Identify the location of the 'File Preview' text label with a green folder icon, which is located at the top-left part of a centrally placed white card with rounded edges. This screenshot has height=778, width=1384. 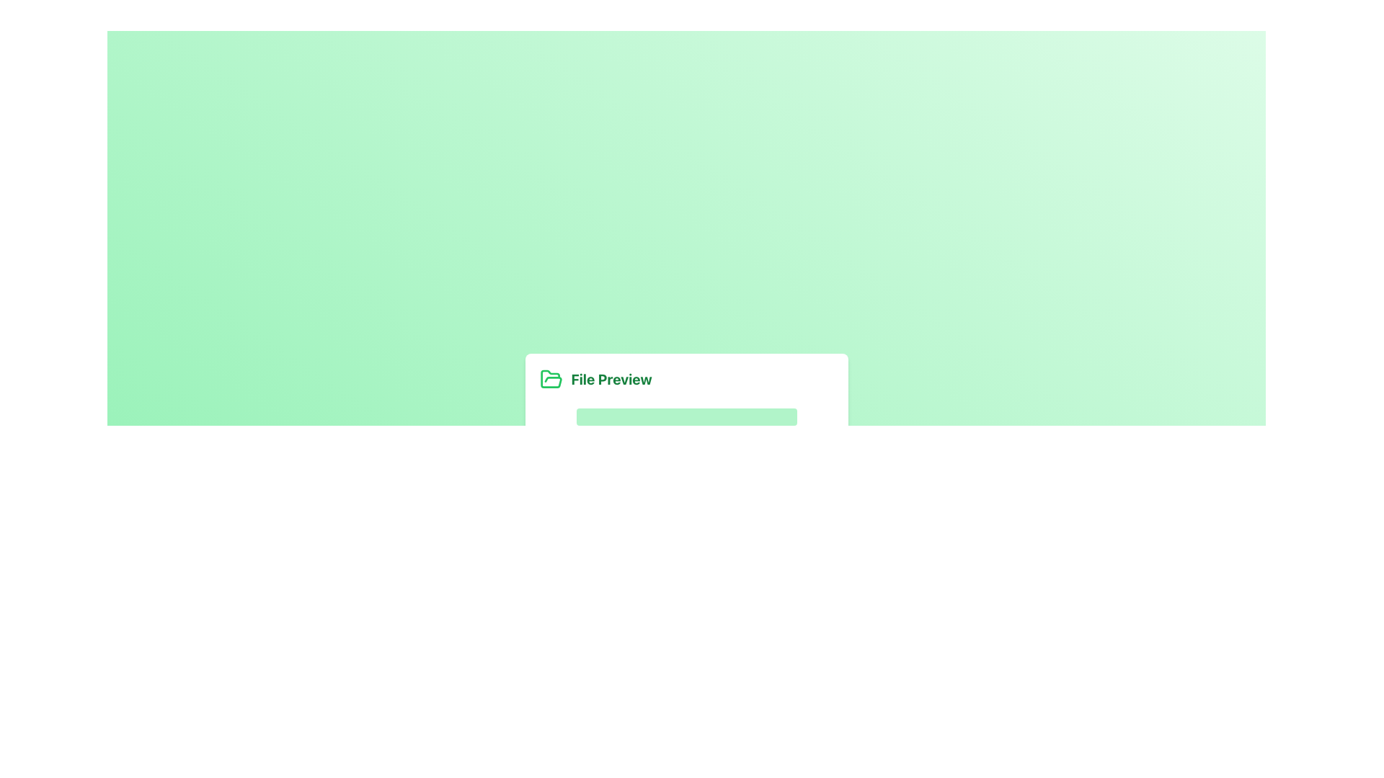
(686, 419).